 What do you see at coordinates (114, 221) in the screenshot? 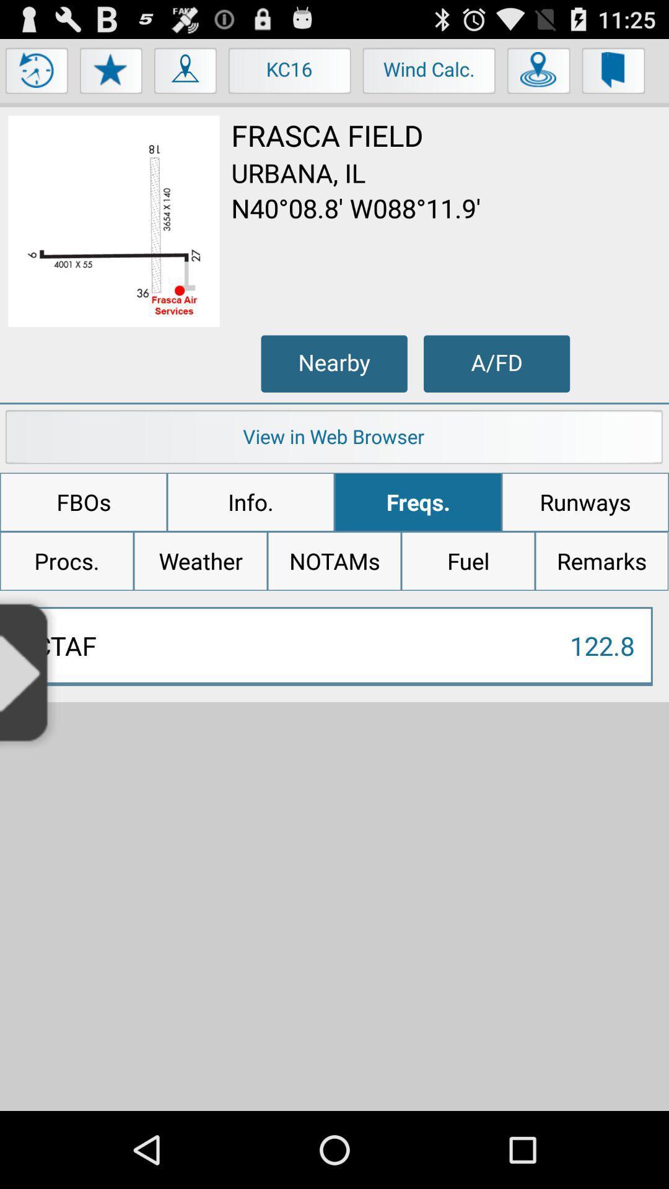
I see `map of airfield` at bounding box center [114, 221].